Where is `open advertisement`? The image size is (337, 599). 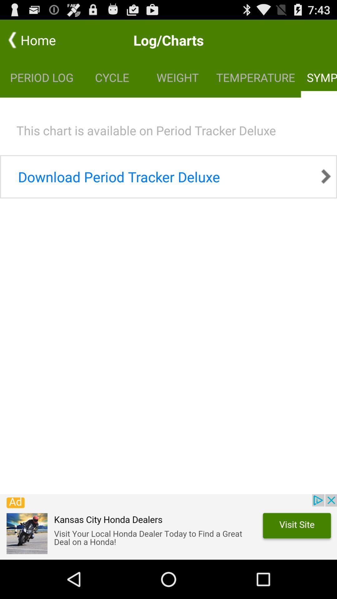 open advertisement is located at coordinates (168, 527).